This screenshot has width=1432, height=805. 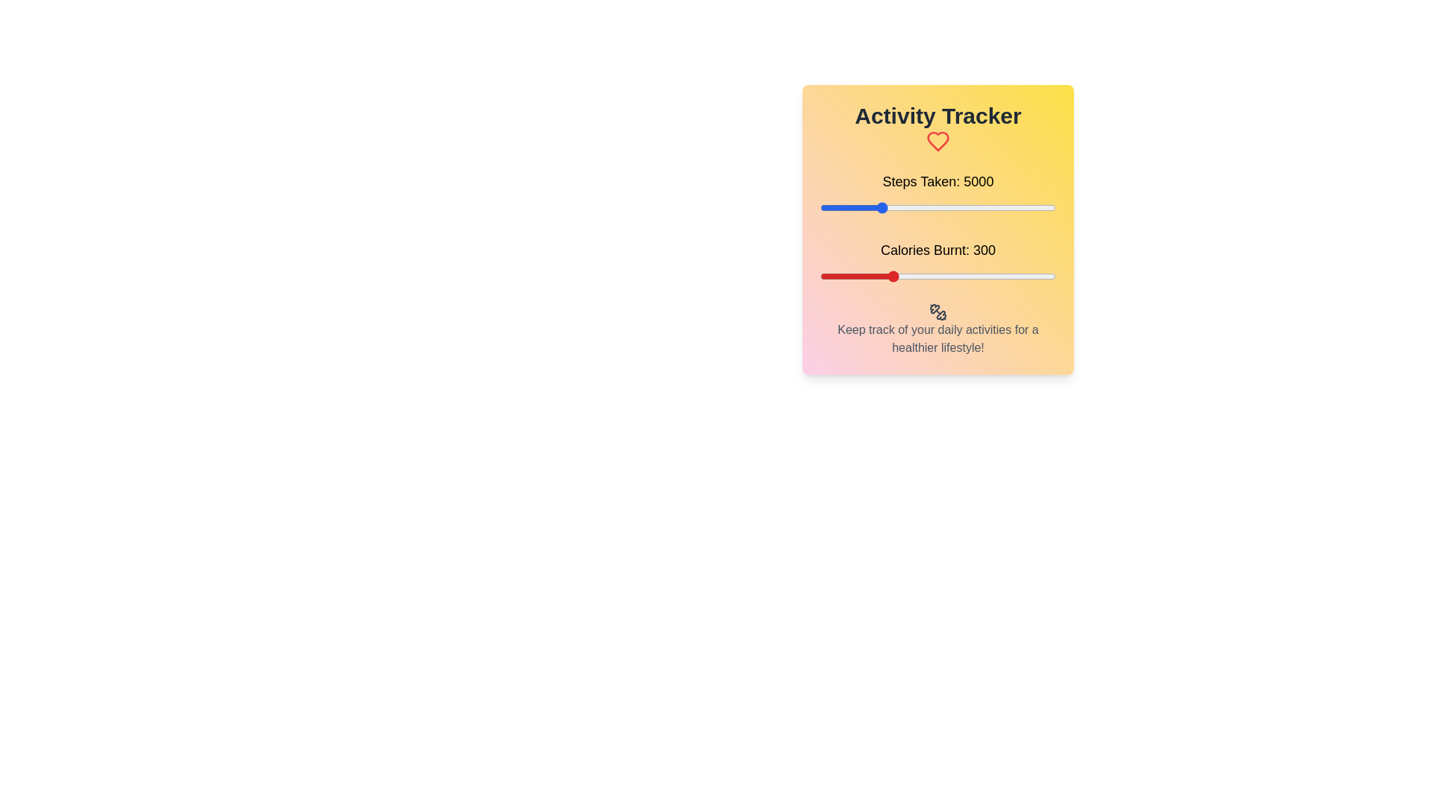 What do you see at coordinates (937, 276) in the screenshot?
I see `the slider thumb of the horizontal slider with a red track located in the 'Activity Tracker' widget, positioned below 'Calories Burnt: 300'` at bounding box center [937, 276].